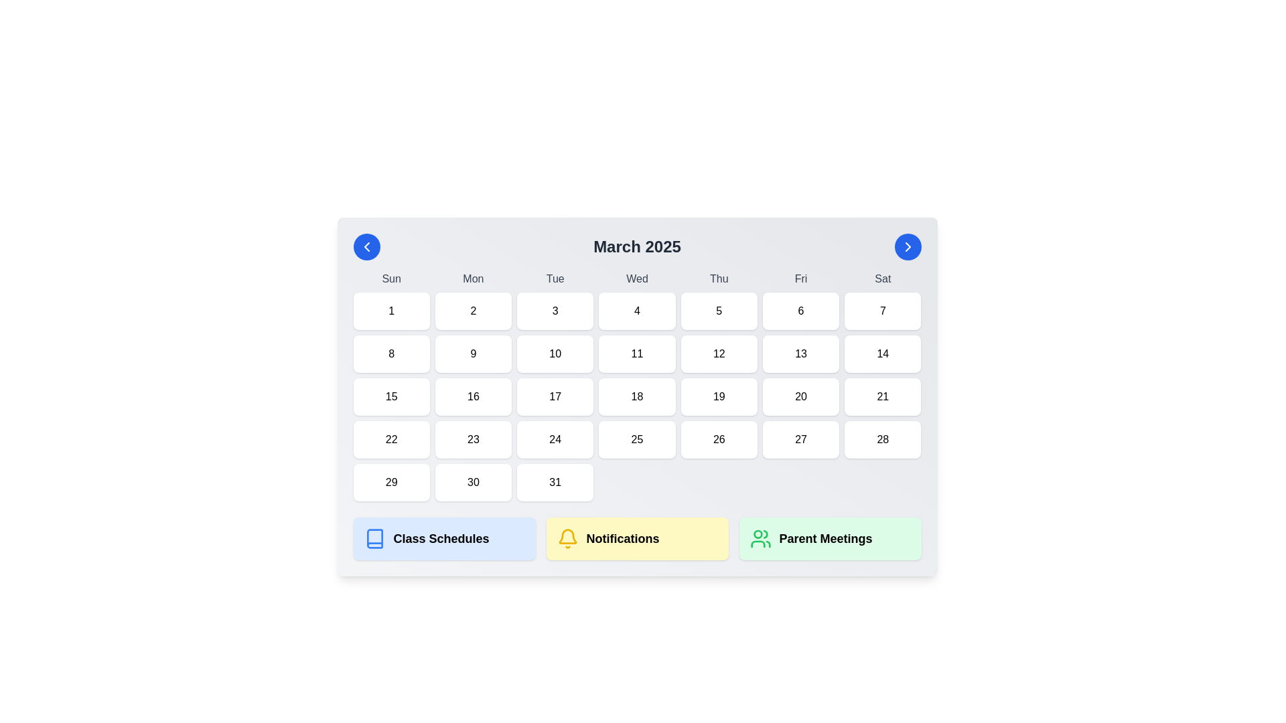  Describe the element at coordinates (555, 353) in the screenshot. I see `the calendar date cell representing '10'` at that location.